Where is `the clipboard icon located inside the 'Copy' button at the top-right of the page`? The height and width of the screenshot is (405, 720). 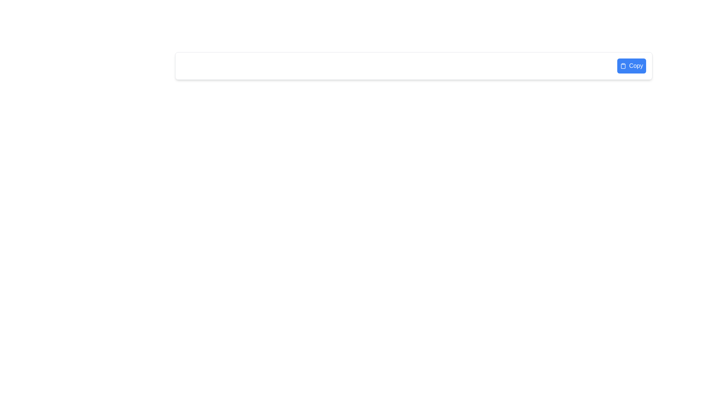
the clipboard icon located inside the 'Copy' button at the top-right of the page is located at coordinates (623, 66).